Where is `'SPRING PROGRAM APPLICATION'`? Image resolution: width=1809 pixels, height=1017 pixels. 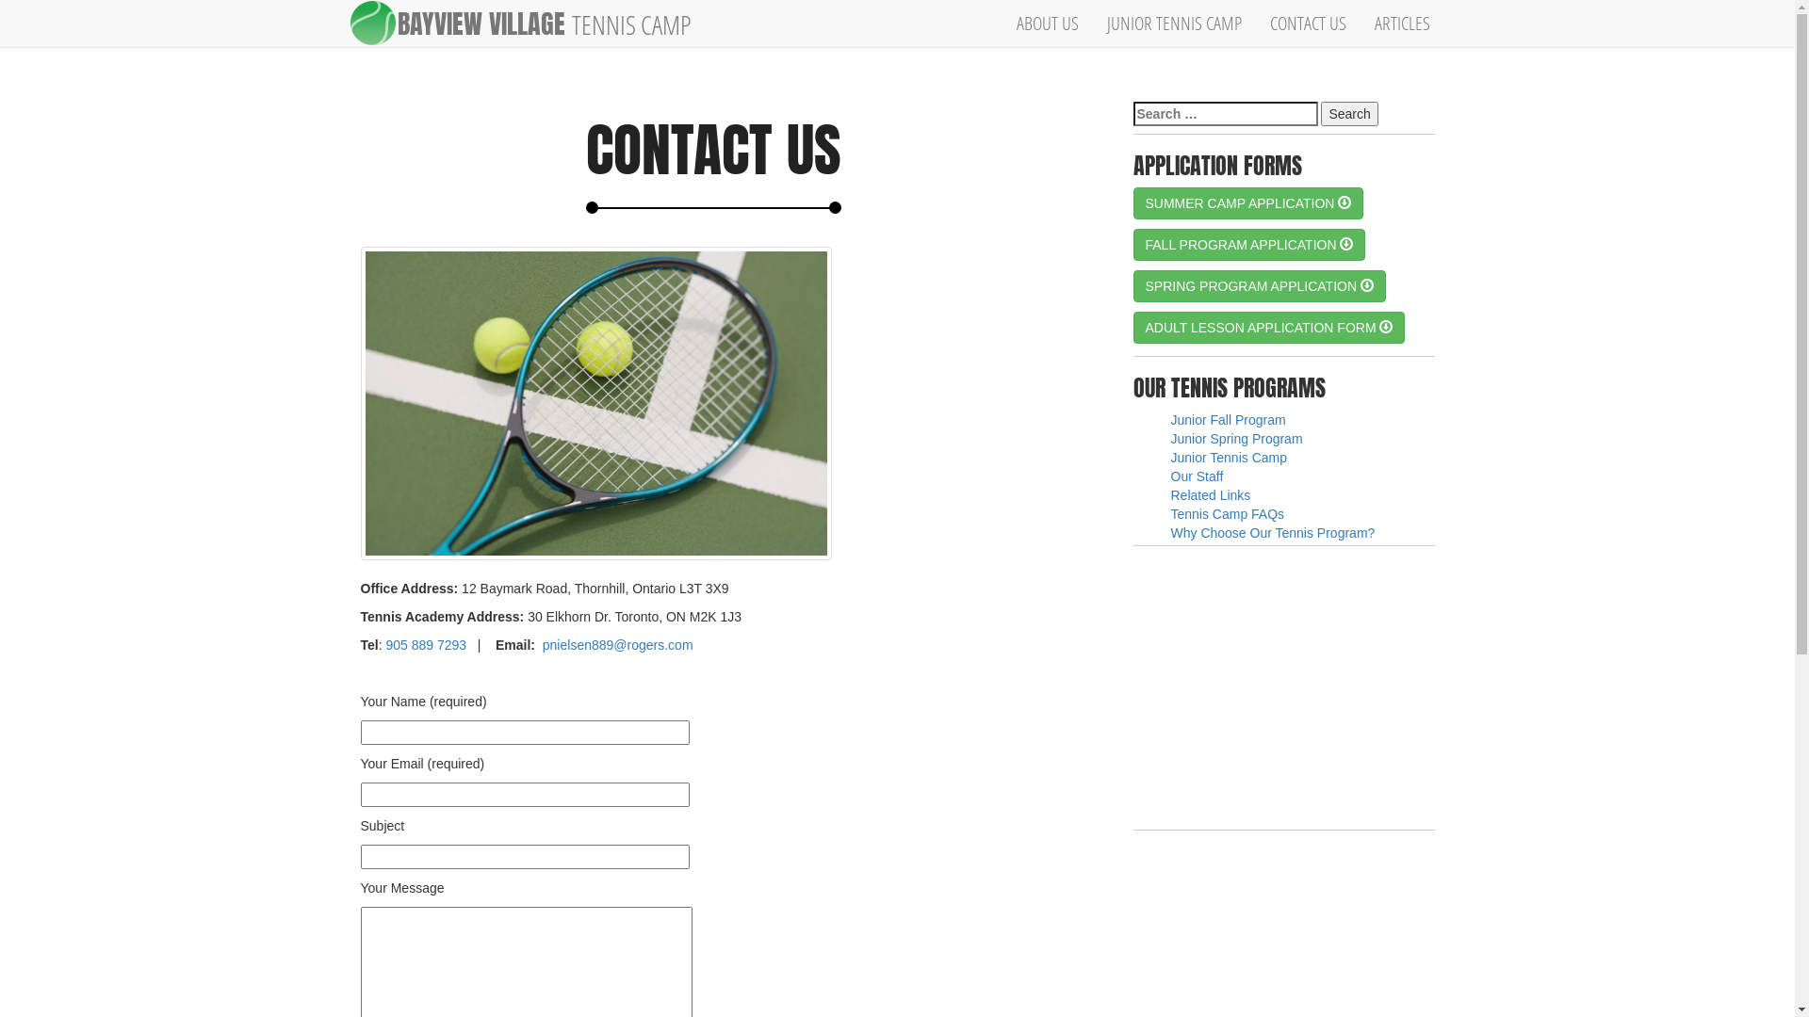 'SPRING PROGRAM APPLICATION' is located at coordinates (1258, 286).